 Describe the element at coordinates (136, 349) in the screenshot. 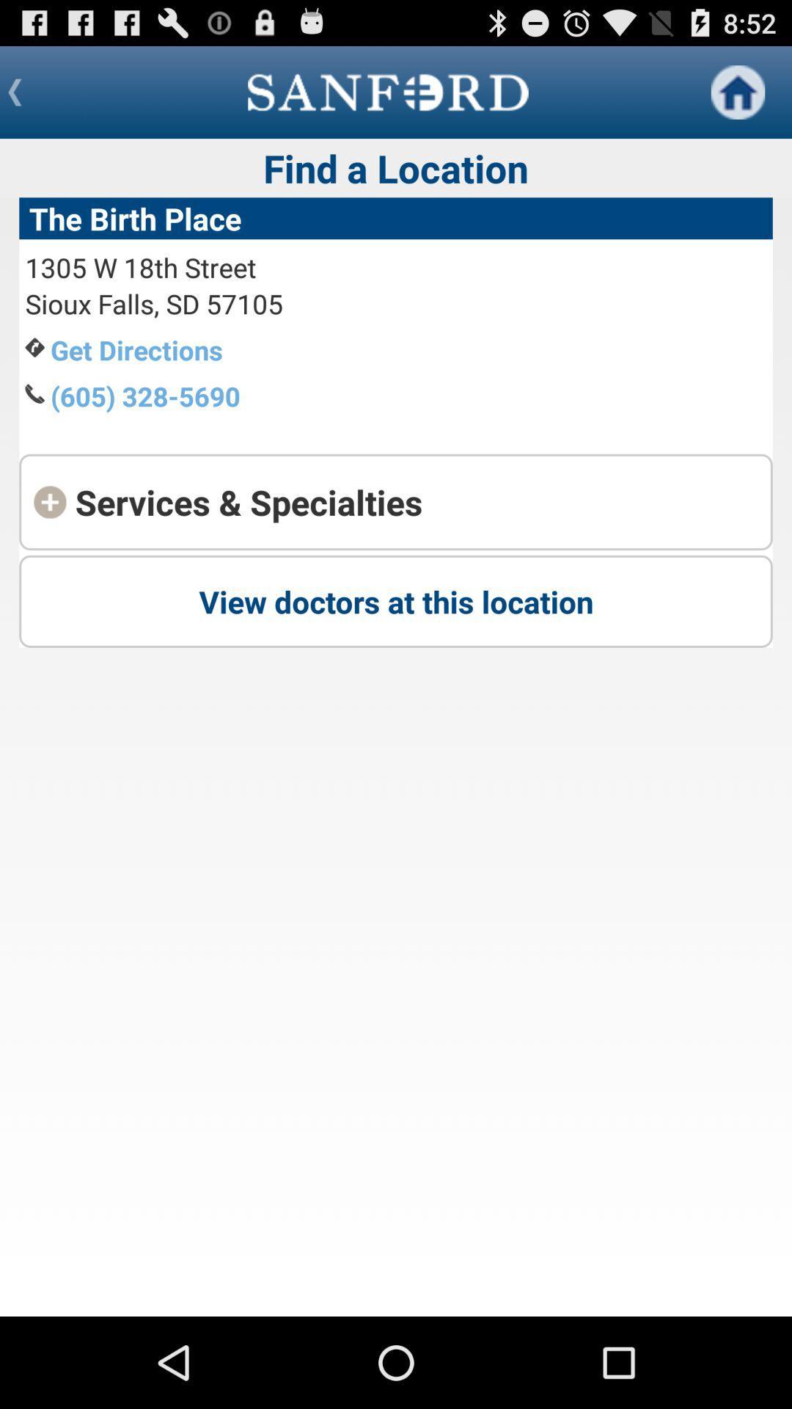

I see `the get directions` at that location.